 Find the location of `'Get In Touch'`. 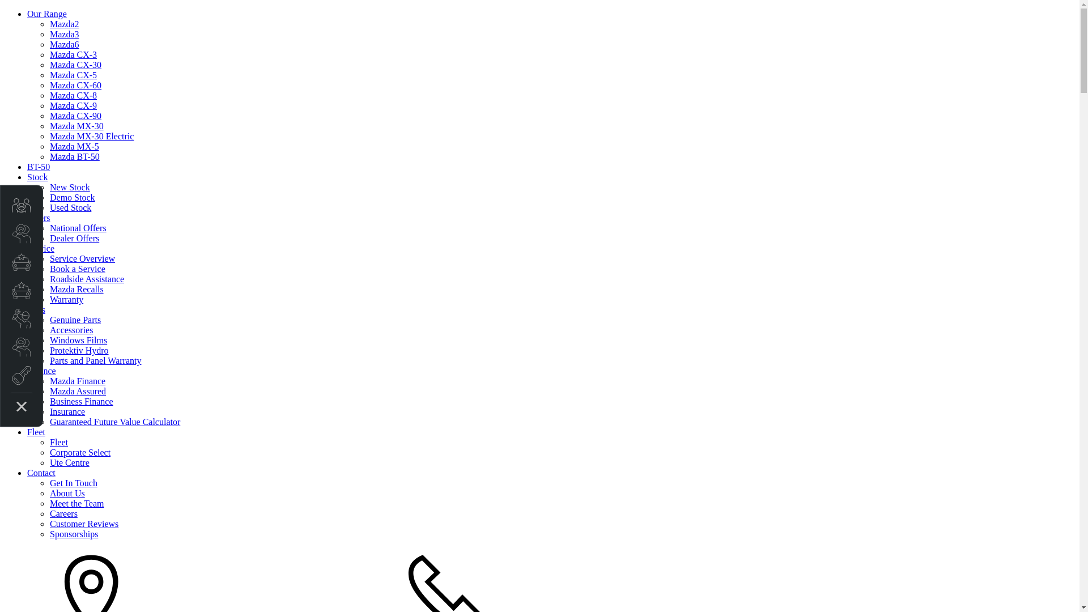

'Get In Touch' is located at coordinates (73, 483).